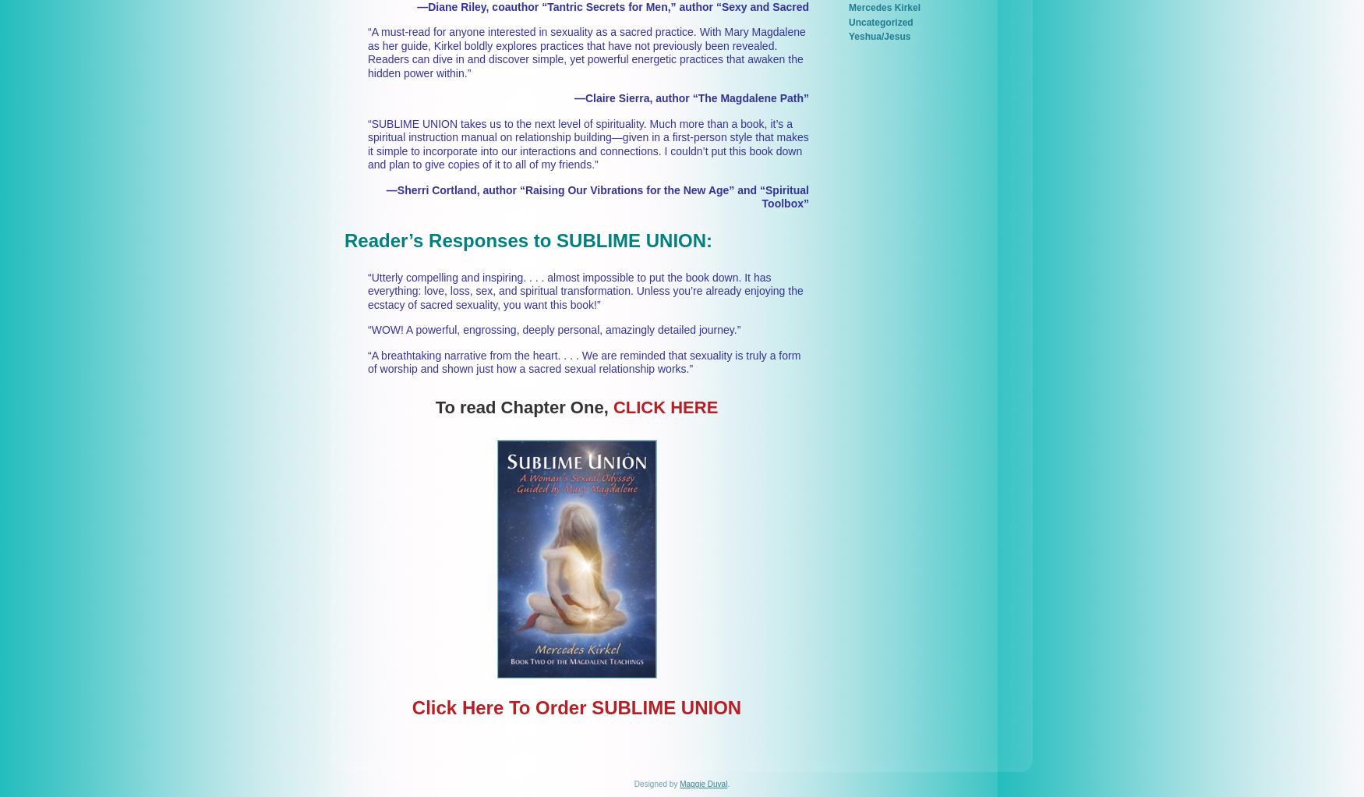 The width and height of the screenshot is (1364, 797). Describe the element at coordinates (527, 239) in the screenshot. I see `'Reader’s Responses to SUBLIME UNION:'` at that location.